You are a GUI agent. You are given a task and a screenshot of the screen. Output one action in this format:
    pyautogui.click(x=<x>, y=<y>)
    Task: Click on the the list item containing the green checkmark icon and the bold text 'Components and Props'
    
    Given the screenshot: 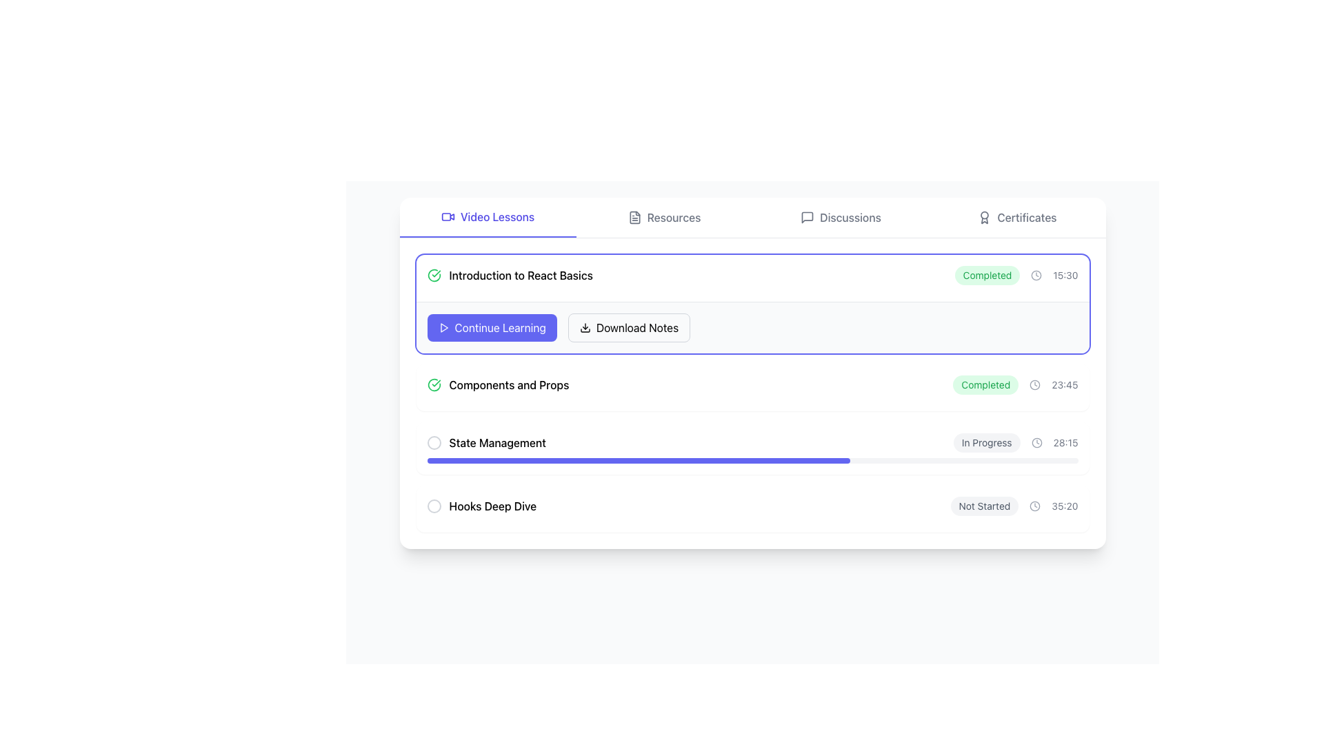 What is the action you would take?
    pyautogui.click(x=497, y=385)
    